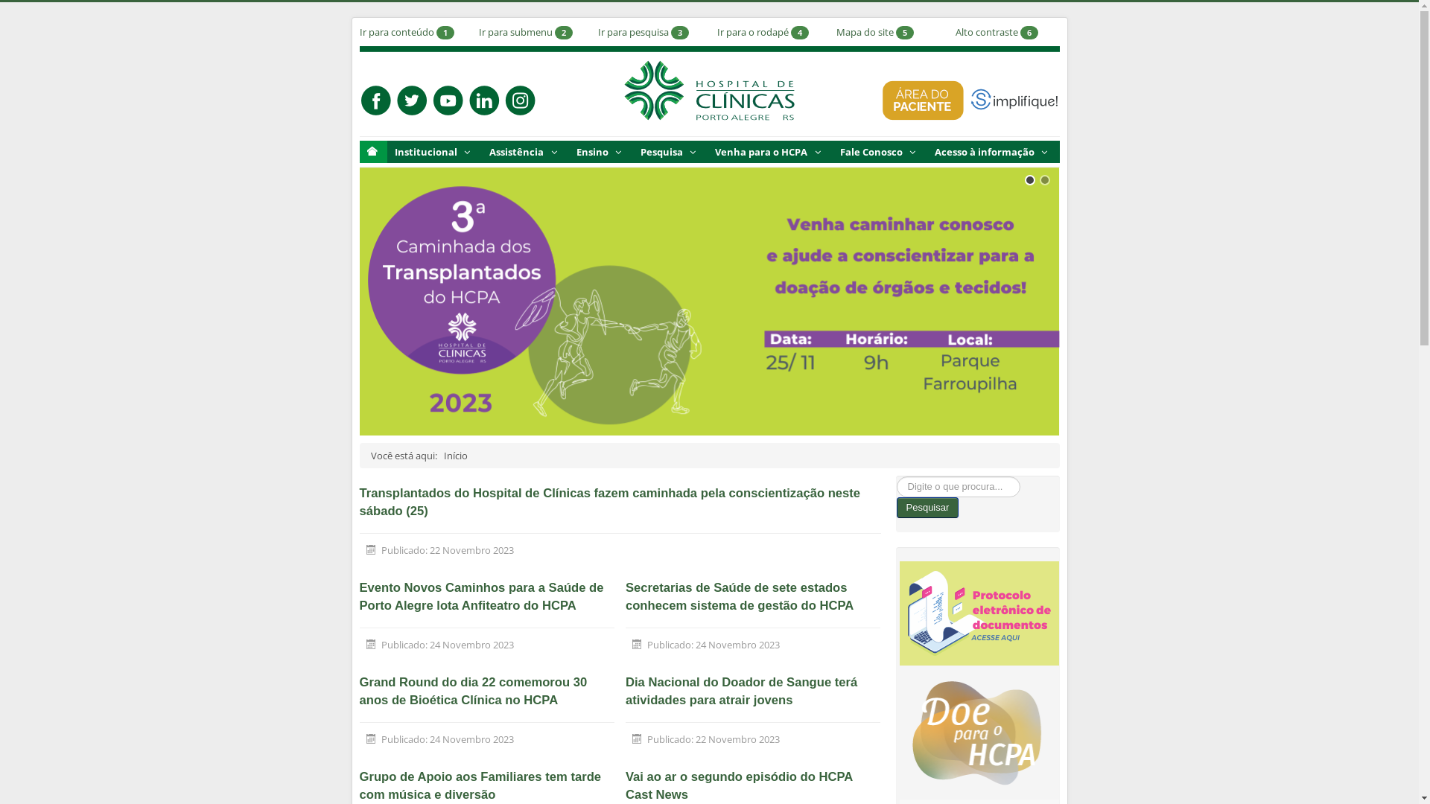 This screenshot has width=1430, height=804. I want to click on 'Fale Conosco', so click(880, 152).